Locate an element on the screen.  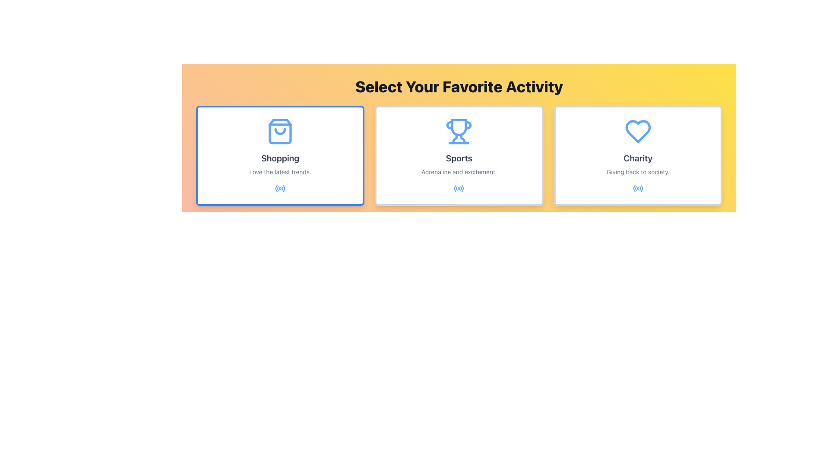
the radio selection icon located at the bottom center of the 'Shopping' card, beneath the text 'Love the latest trends.' is located at coordinates (280, 188).